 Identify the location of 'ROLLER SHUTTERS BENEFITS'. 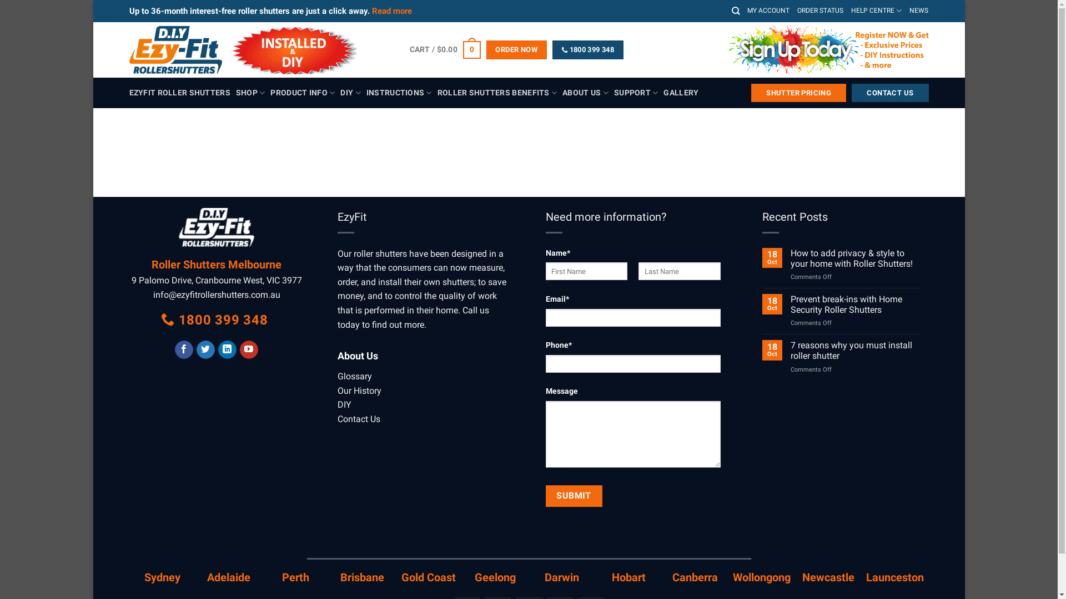
(496, 92).